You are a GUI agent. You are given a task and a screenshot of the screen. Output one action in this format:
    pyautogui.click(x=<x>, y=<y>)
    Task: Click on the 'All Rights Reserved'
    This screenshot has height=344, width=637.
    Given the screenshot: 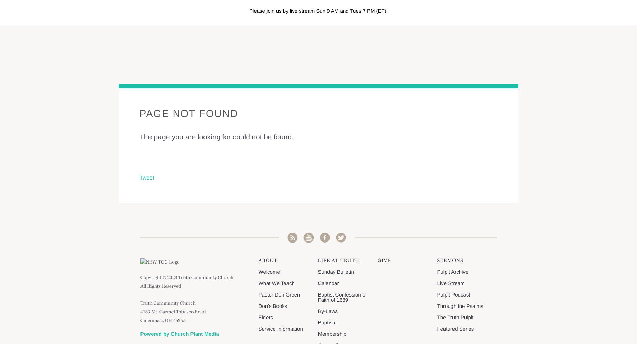 What is the action you would take?
    pyautogui.click(x=160, y=286)
    